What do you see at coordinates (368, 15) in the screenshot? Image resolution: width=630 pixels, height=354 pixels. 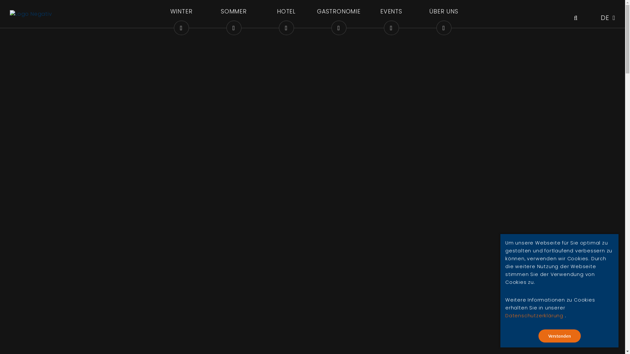 I see `'EVENTS'` at bounding box center [368, 15].